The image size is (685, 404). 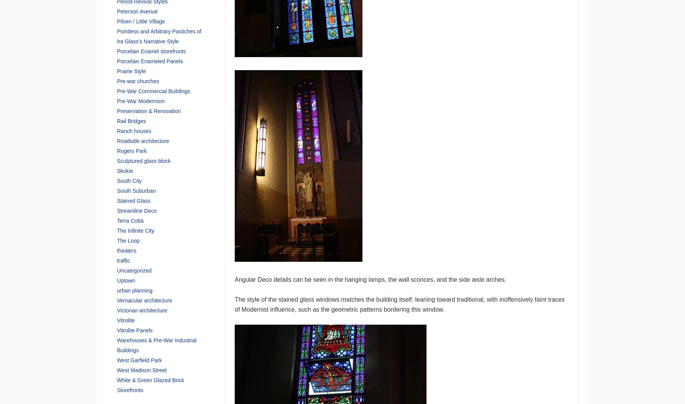 I want to click on 'The style of the stained glass windows matches the building itself: leaning toward traditional, with inoffensively faint traces of Modernist influence, such as the geometric patterns bordering this window.', so click(x=234, y=304).